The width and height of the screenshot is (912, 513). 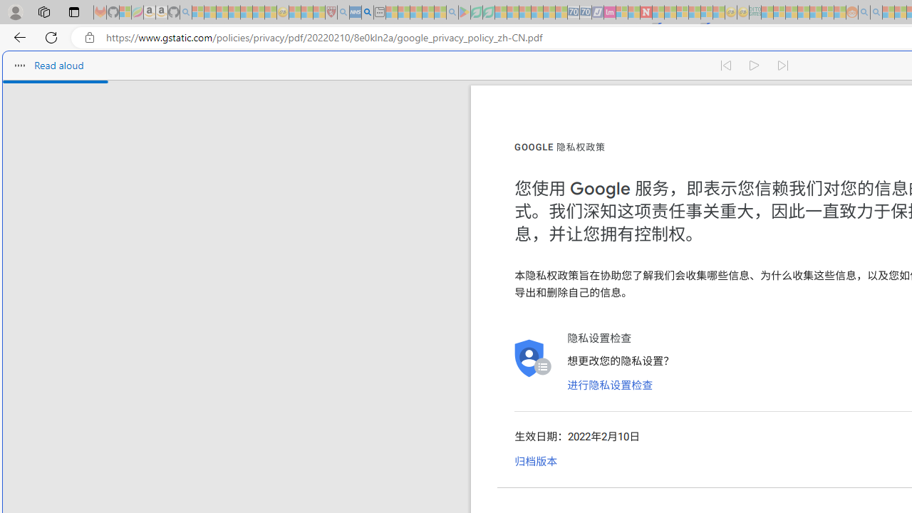 What do you see at coordinates (427, 12) in the screenshot?
I see `'Pets - MSN - Sleeping'` at bounding box center [427, 12].